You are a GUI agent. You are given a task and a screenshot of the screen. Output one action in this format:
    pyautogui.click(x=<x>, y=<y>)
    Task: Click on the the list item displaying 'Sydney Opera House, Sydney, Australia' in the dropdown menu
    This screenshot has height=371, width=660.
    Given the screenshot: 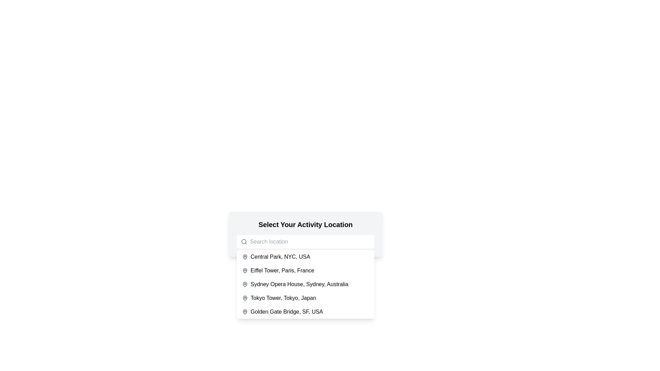 What is the action you would take?
    pyautogui.click(x=305, y=284)
    